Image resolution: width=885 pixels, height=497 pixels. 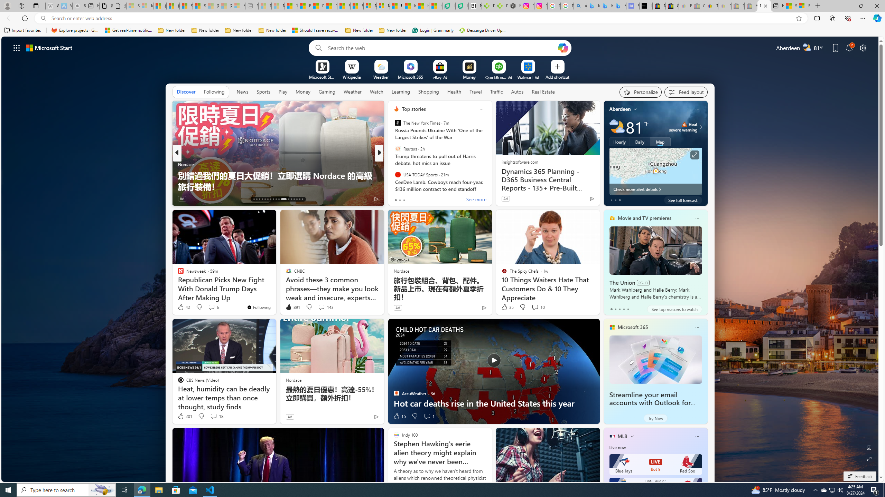 I want to click on 'Should I save recovered Word documents? - Microsoft Support', so click(x=316, y=30).